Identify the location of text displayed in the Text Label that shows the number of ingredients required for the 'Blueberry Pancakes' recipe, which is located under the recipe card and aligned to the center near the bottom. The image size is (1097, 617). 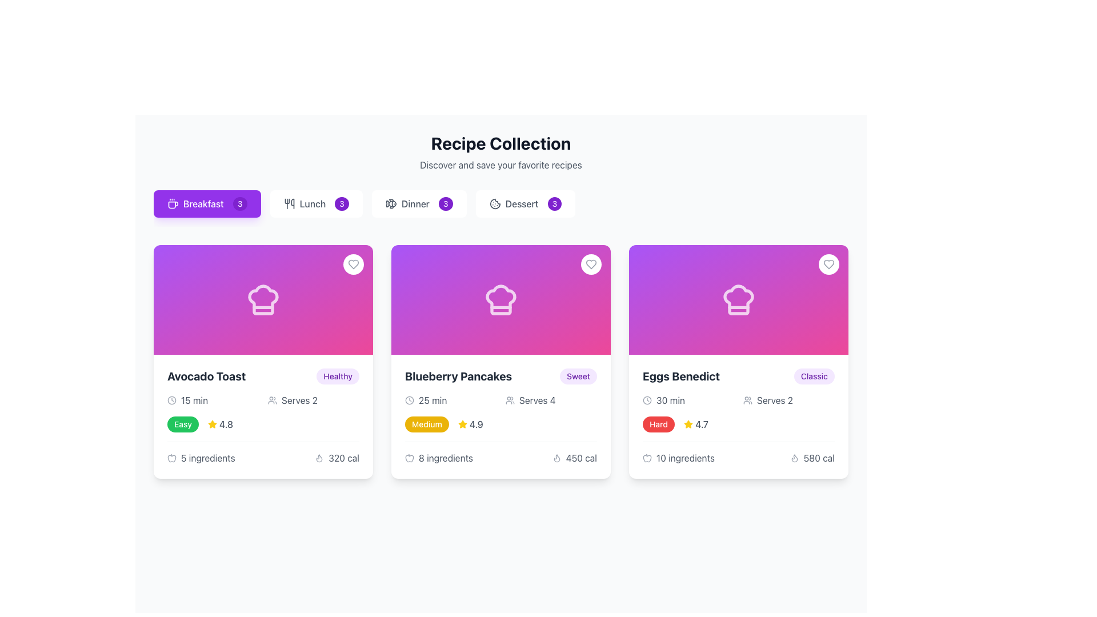
(445, 458).